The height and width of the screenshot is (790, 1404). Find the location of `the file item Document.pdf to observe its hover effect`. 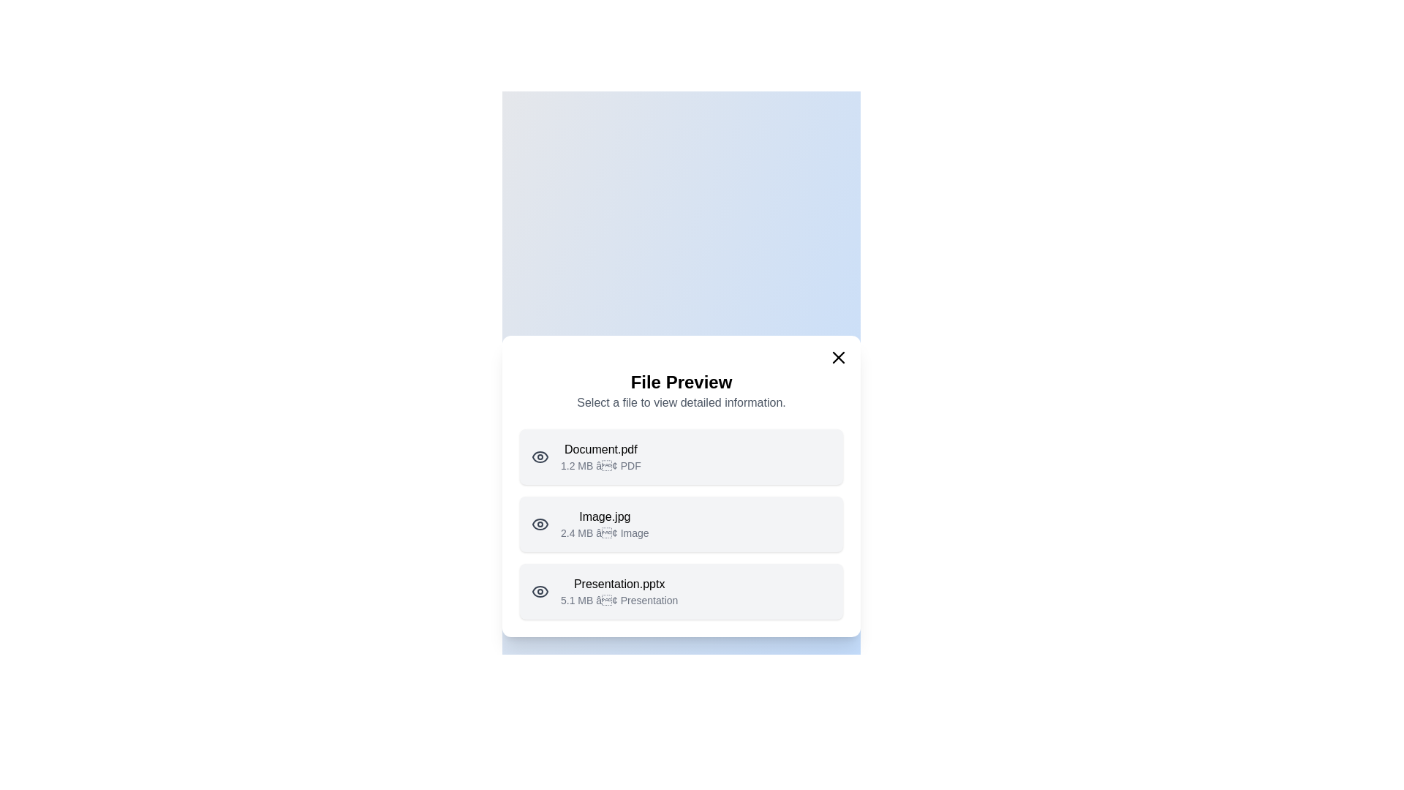

the file item Document.pdf to observe its hover effect is located at coordinates (680, 456).